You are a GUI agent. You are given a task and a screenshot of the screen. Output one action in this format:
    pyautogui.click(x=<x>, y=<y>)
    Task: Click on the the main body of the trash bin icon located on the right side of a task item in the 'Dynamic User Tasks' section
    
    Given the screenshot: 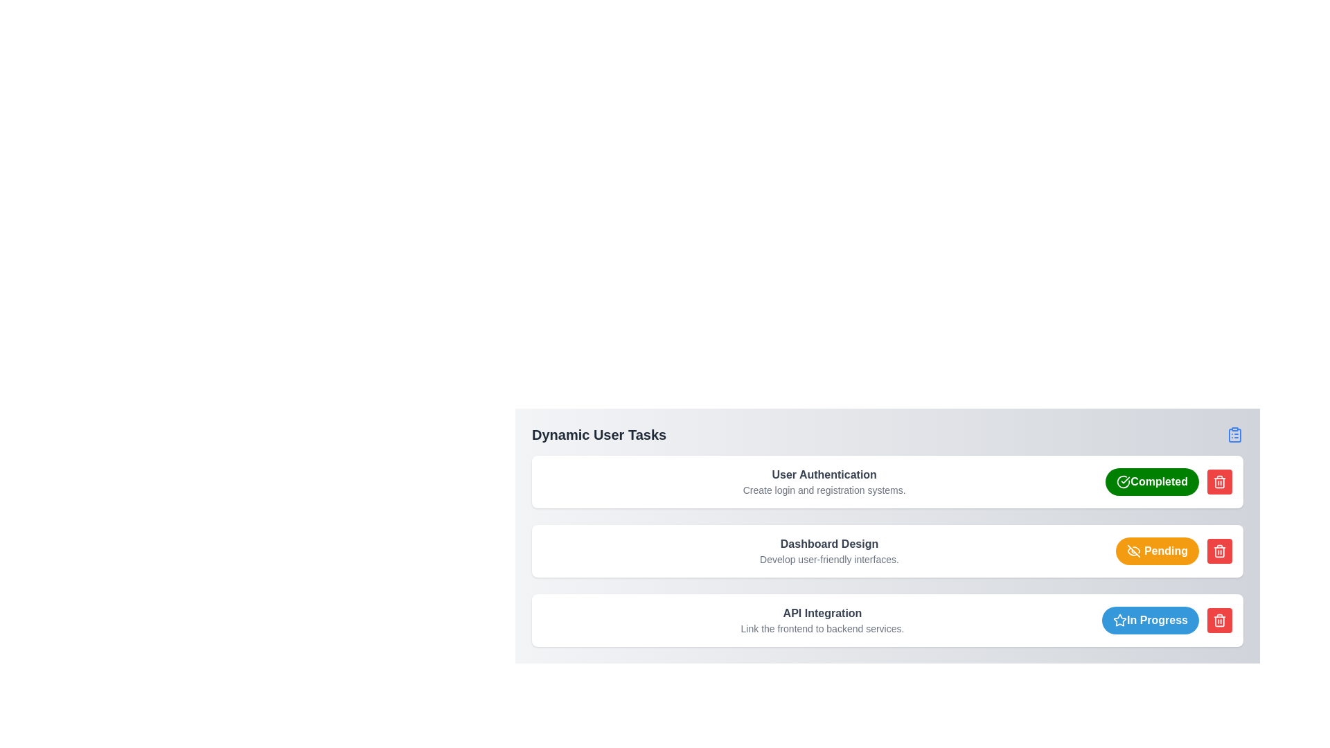 What is the action you would take?
    pyautogui.click(x=1220, y=482)
    